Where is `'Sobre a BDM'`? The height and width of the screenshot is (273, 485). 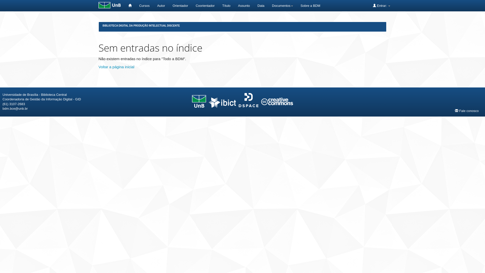 'Sobre a BDM' is located at coordinates (310, 6).